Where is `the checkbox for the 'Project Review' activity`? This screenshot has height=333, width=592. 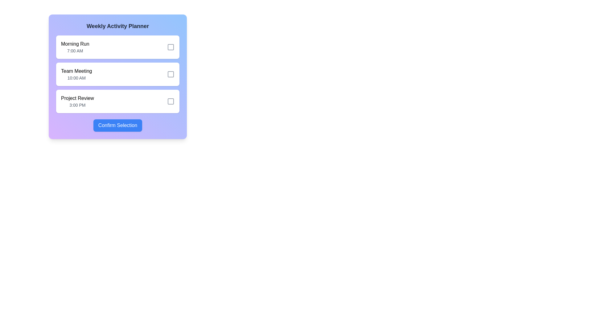
the checkbox for the 'Project Review' activity is located at coordinates (171, 101).